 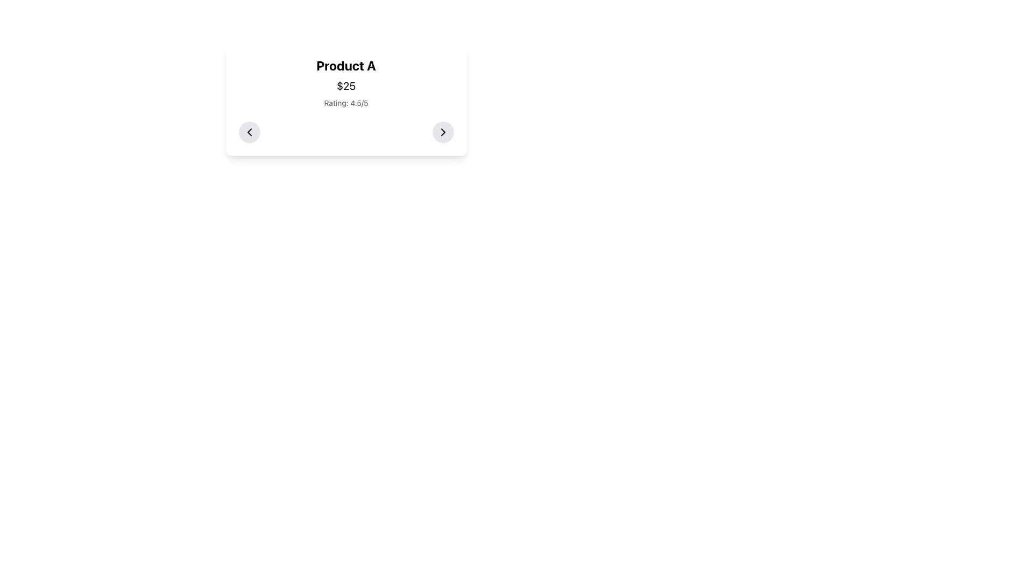 I want to click on details displayed in the text block containing the product name 'Product A', price '$25', and rating 'Rating: 4.5/5', which is center-aligned in the card-like structure, so click(x=346, y=82).